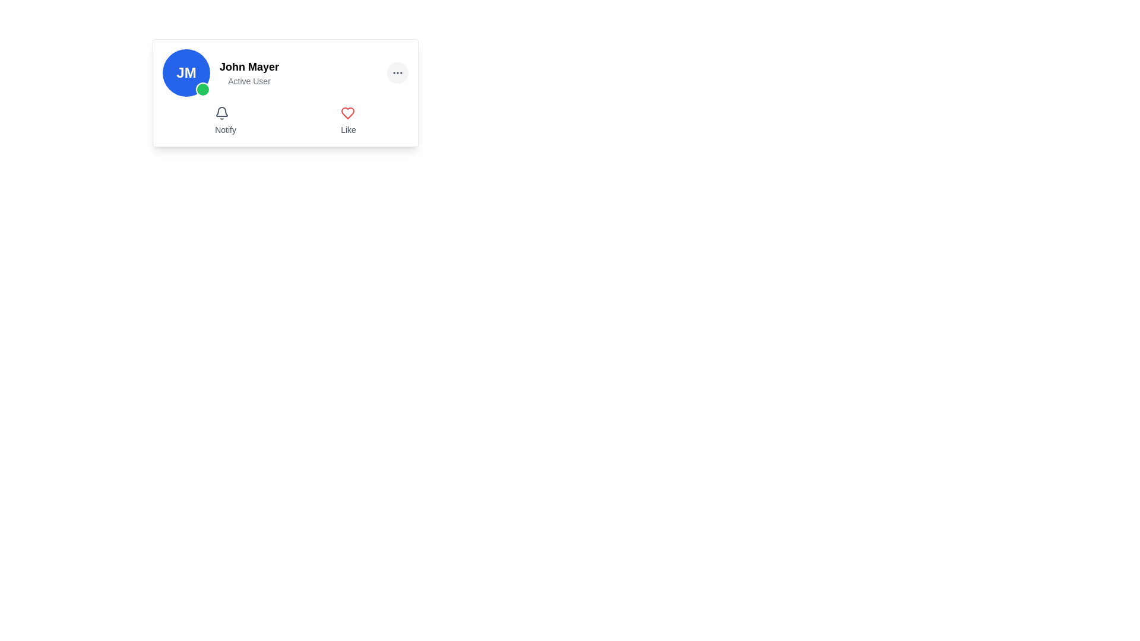 The height and width of the screenshot is (641, 1140). I want to click on the status indicator text label that shows the current user's status as active, located directly beneath the 'John Mayer' text in the profile card structure, so click(249, 81).